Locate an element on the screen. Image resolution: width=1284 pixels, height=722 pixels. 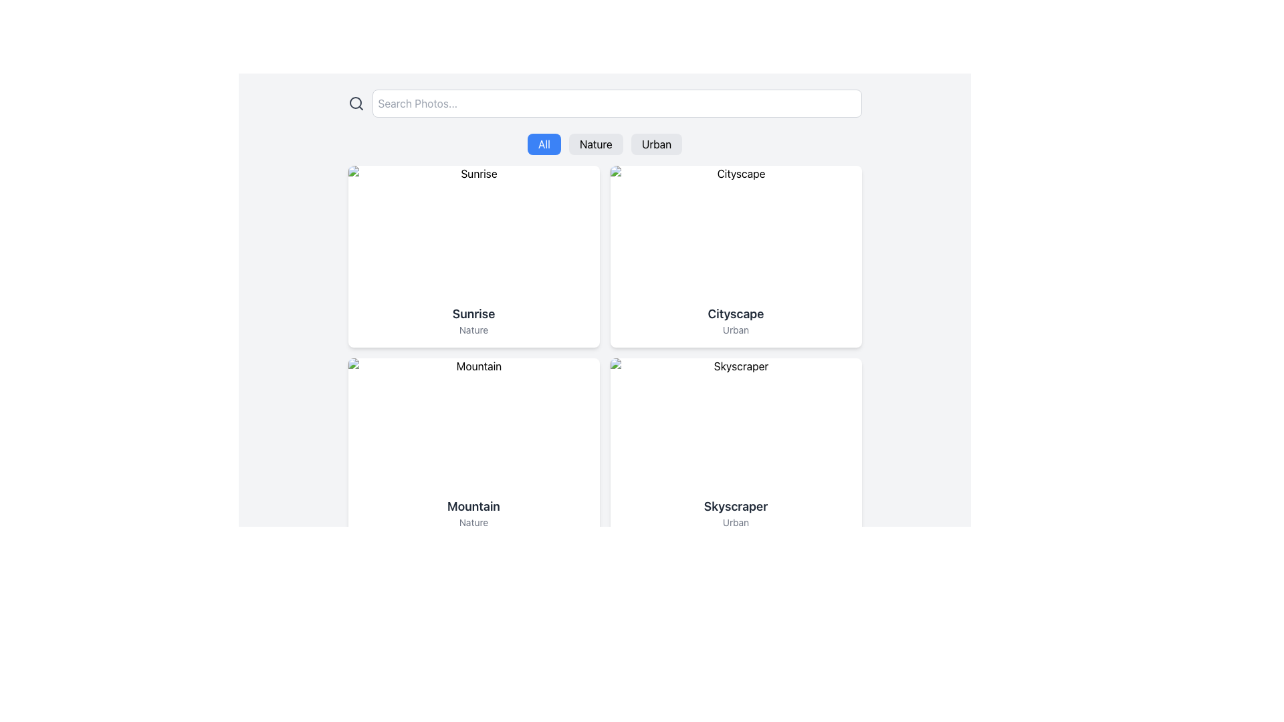
the image element displaying a placeholder for 'Mountain' located in the second row, first column of the card layout is located at coordinates (473, 423).